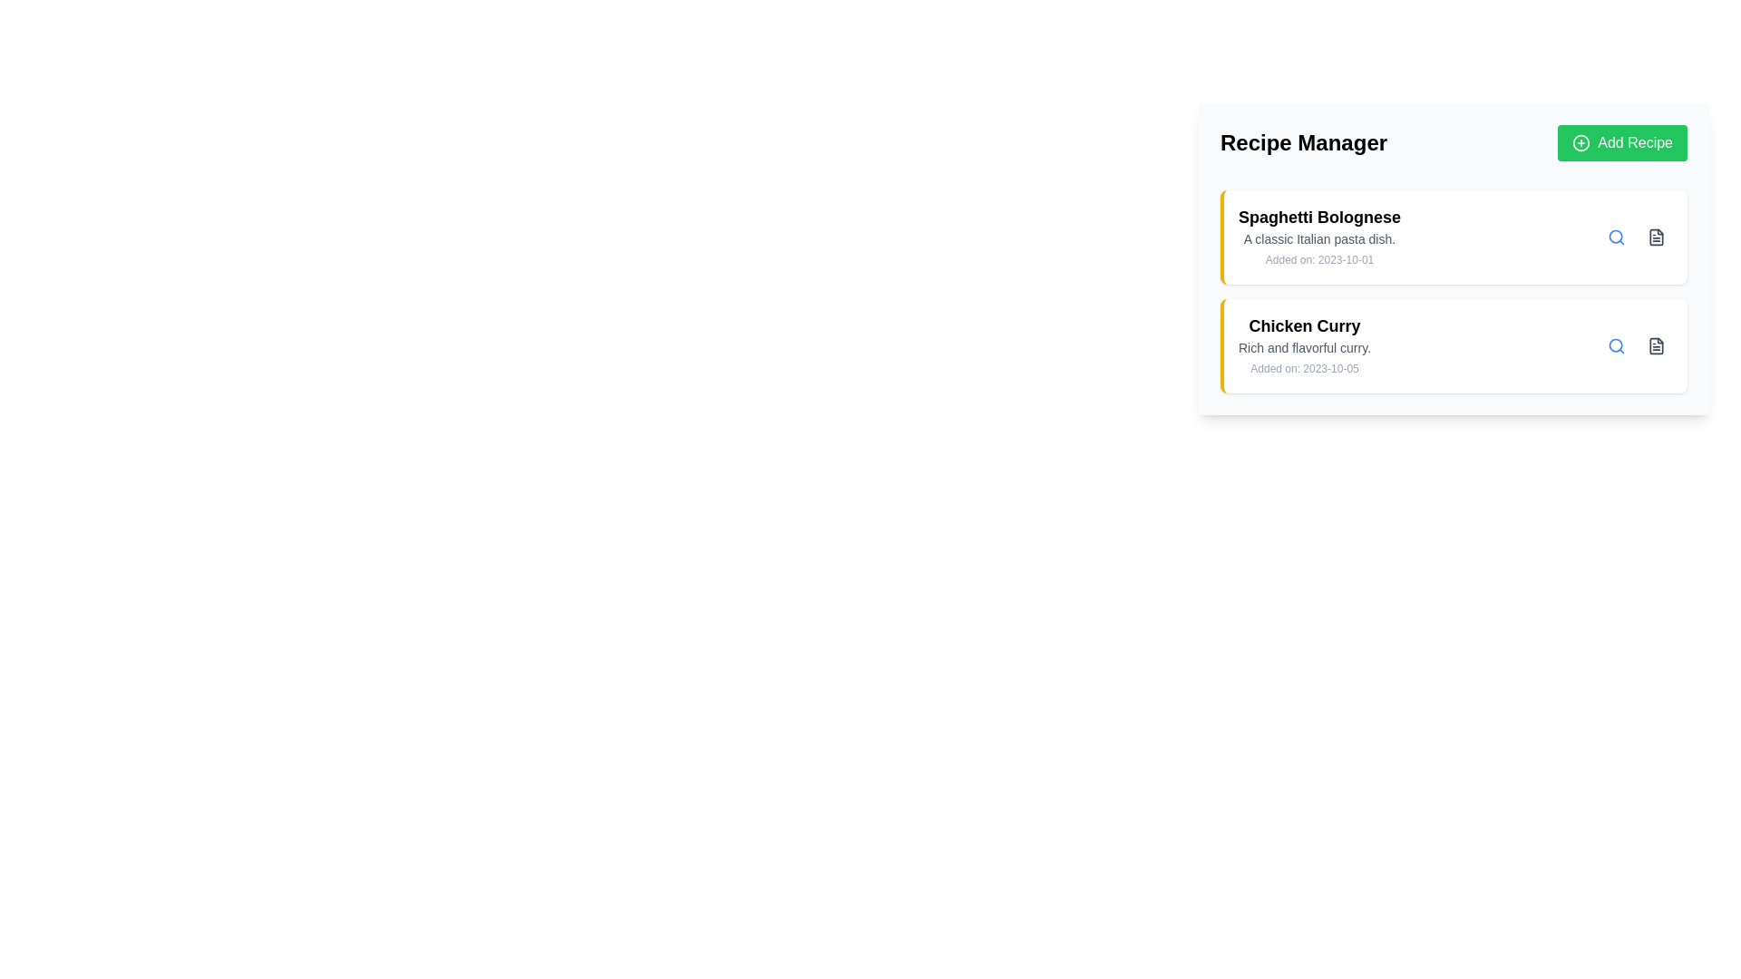 This screenshot has height=979, width=1741. Describe the element at coordinates (1304, 325) in the screenshot. I see `the Text Label that serves as the title or name of a recipe, which is the first subcomponent of the recipe entry` at that location.